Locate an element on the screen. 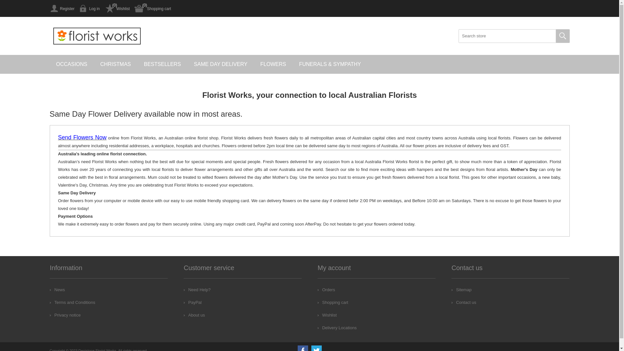 The width and height of the screenshot is (624, 351). 'CHRISTMAS' is located at coordinates (115, 64).